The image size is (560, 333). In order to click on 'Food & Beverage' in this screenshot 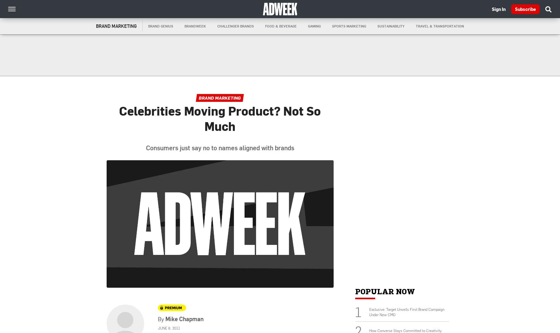, I will do `click(280, 26)`.